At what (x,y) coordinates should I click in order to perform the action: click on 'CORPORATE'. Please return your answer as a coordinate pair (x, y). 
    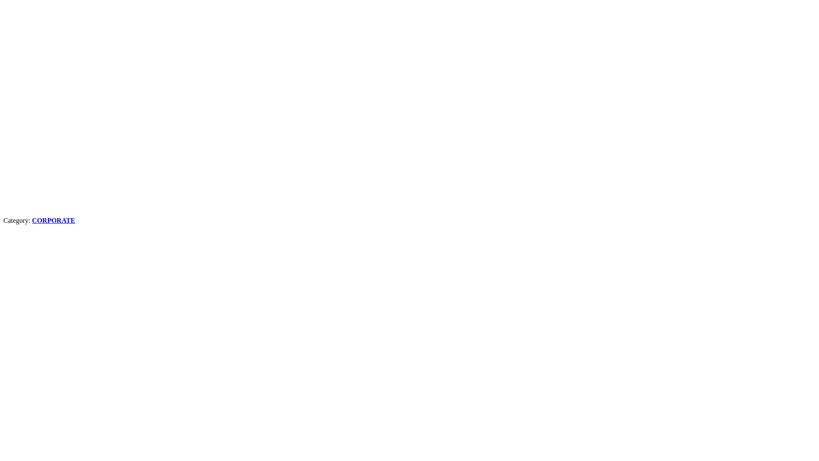
    Looking at the image, I should click on (53, 220).